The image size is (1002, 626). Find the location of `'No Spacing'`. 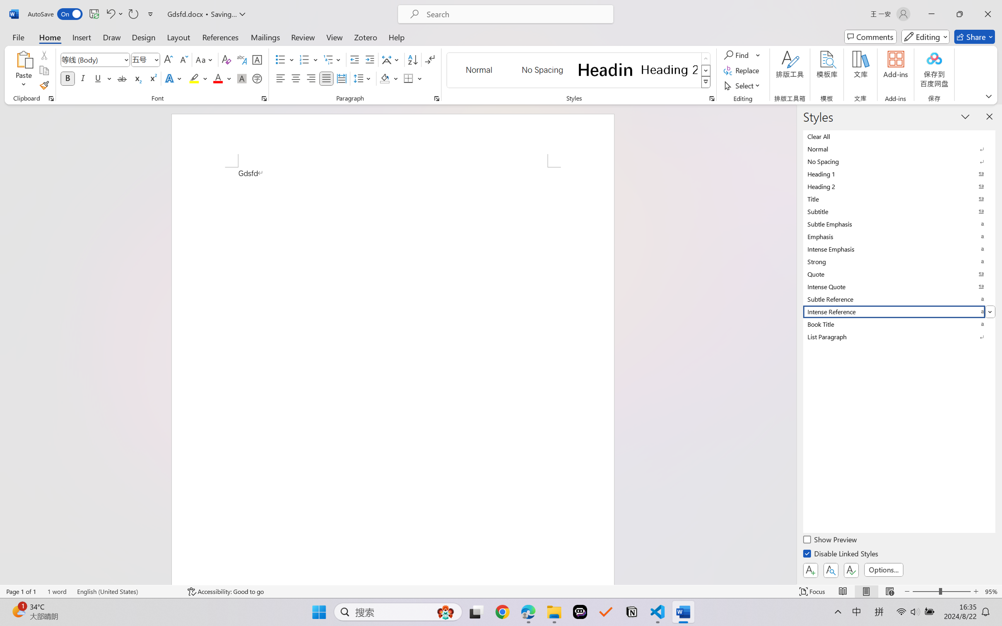

'No Spacing' is located at coordinates (899, 161).